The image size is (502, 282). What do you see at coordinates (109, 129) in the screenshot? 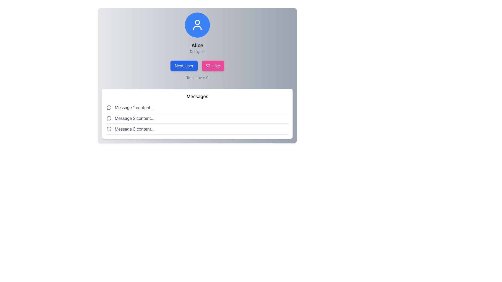
I see `the message indicator icon located in the bottom-most row of the 'Messages' list, adjacent to 'Message 3 content...'` at bounding box center [109, 129].